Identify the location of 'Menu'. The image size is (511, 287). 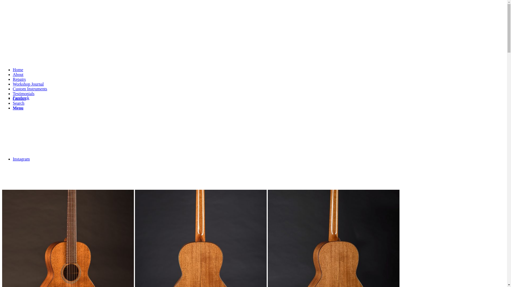
(18, 108).